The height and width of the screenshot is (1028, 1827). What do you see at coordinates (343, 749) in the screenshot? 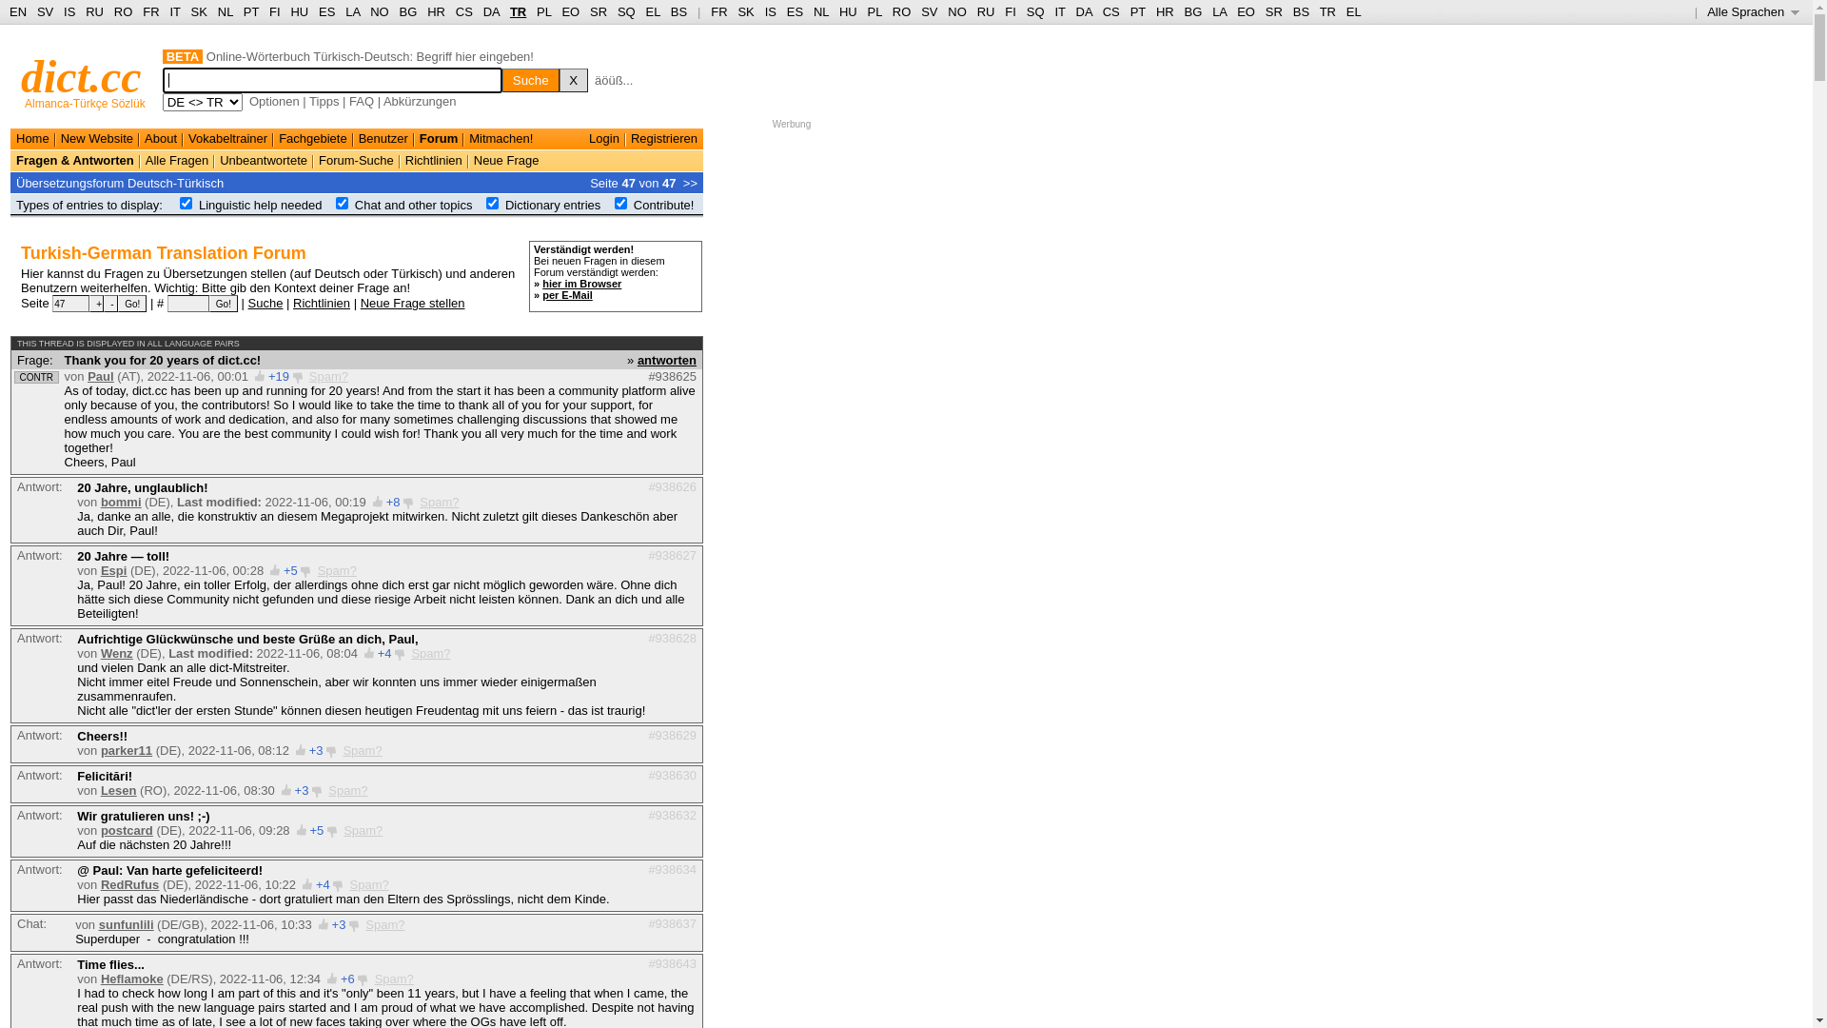
I see `'Spam?'` at bounding box center [343, 749].